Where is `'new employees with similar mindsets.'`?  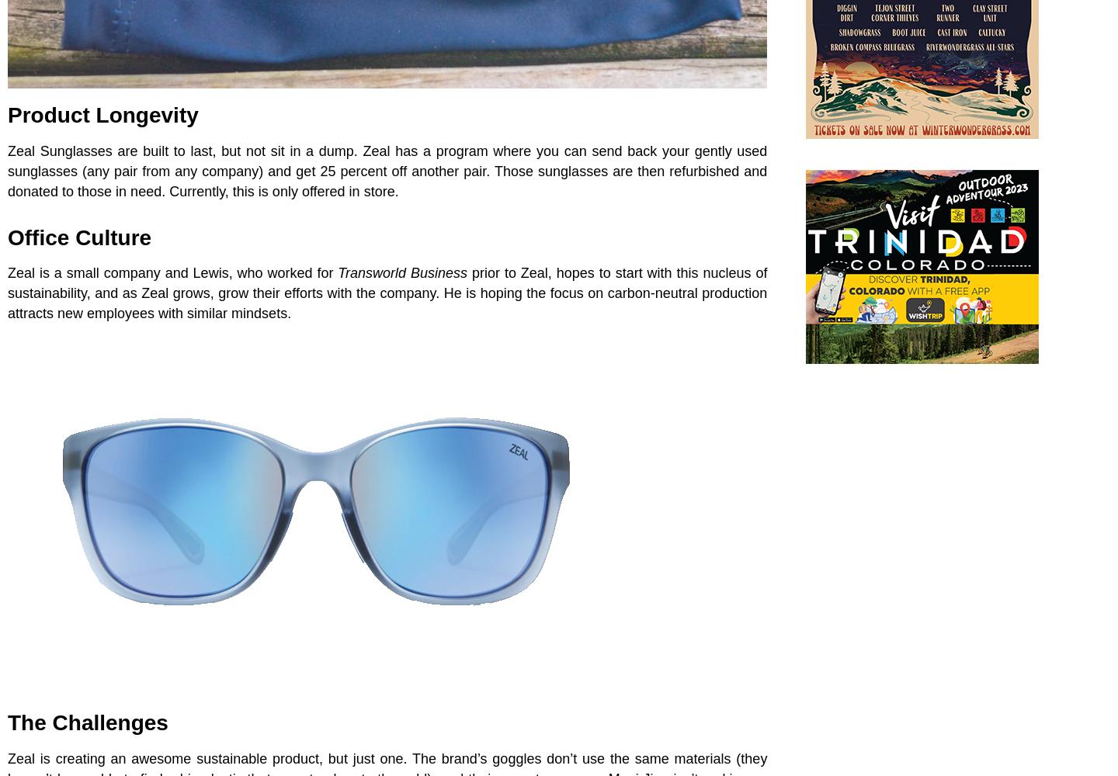 'new employees with similar mindsets.' is located at coordinates (172, 314).